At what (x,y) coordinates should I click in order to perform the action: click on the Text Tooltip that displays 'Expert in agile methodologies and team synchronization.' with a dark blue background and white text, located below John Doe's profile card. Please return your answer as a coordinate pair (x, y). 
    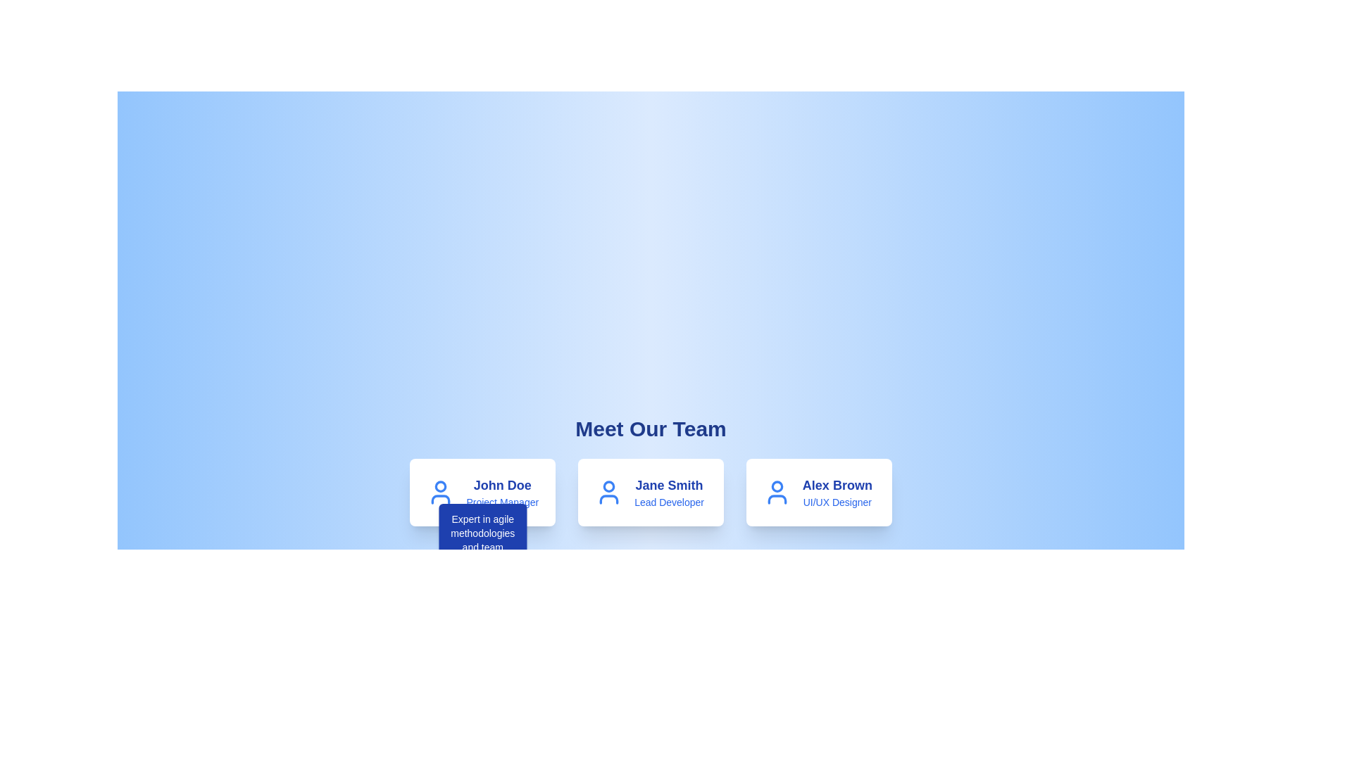
    Looking at the image, I should click on (482, 539).